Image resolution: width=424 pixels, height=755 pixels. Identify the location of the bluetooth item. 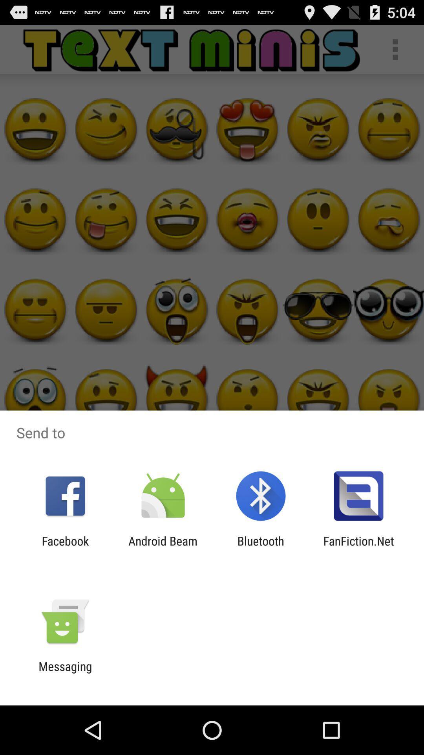
(261, 547).